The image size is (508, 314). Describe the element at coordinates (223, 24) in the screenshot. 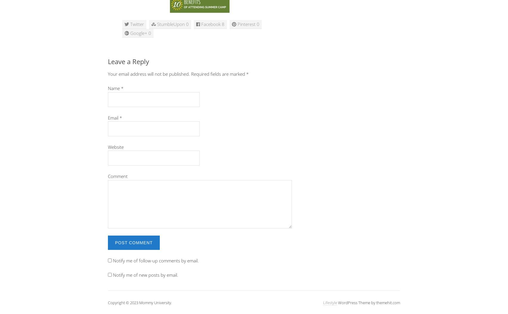

I see `'8'` at that location.